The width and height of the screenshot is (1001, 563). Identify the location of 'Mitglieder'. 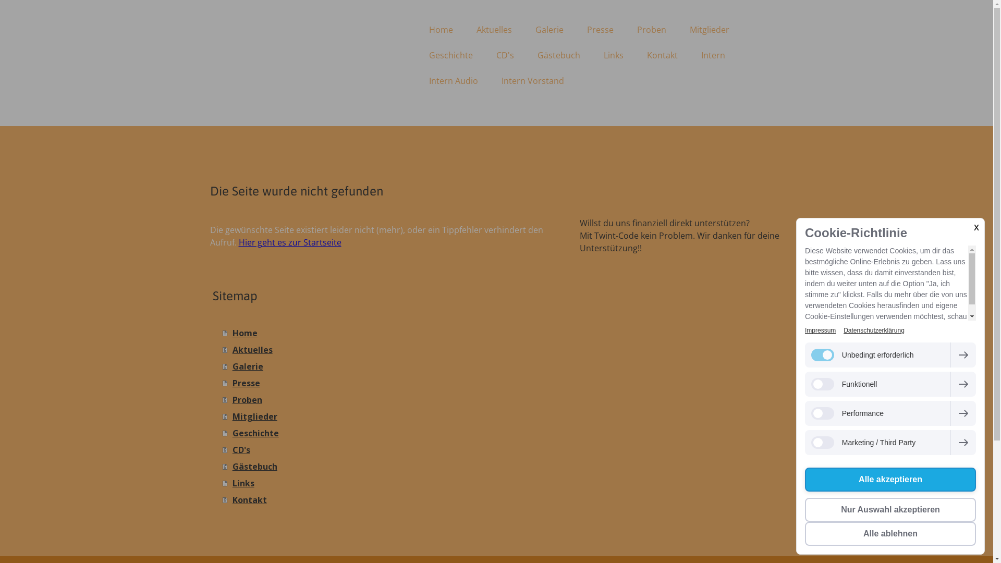
(390, 415).